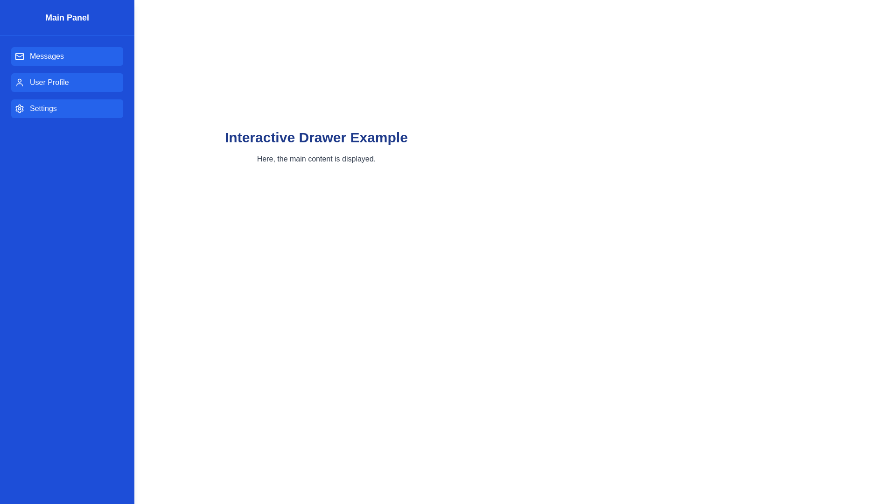 The image size is (896, 504). What do you see at coordinates (315, 370) in the screenshot?
I see `the main content area to focus on it` at bounding box center [315, 370].